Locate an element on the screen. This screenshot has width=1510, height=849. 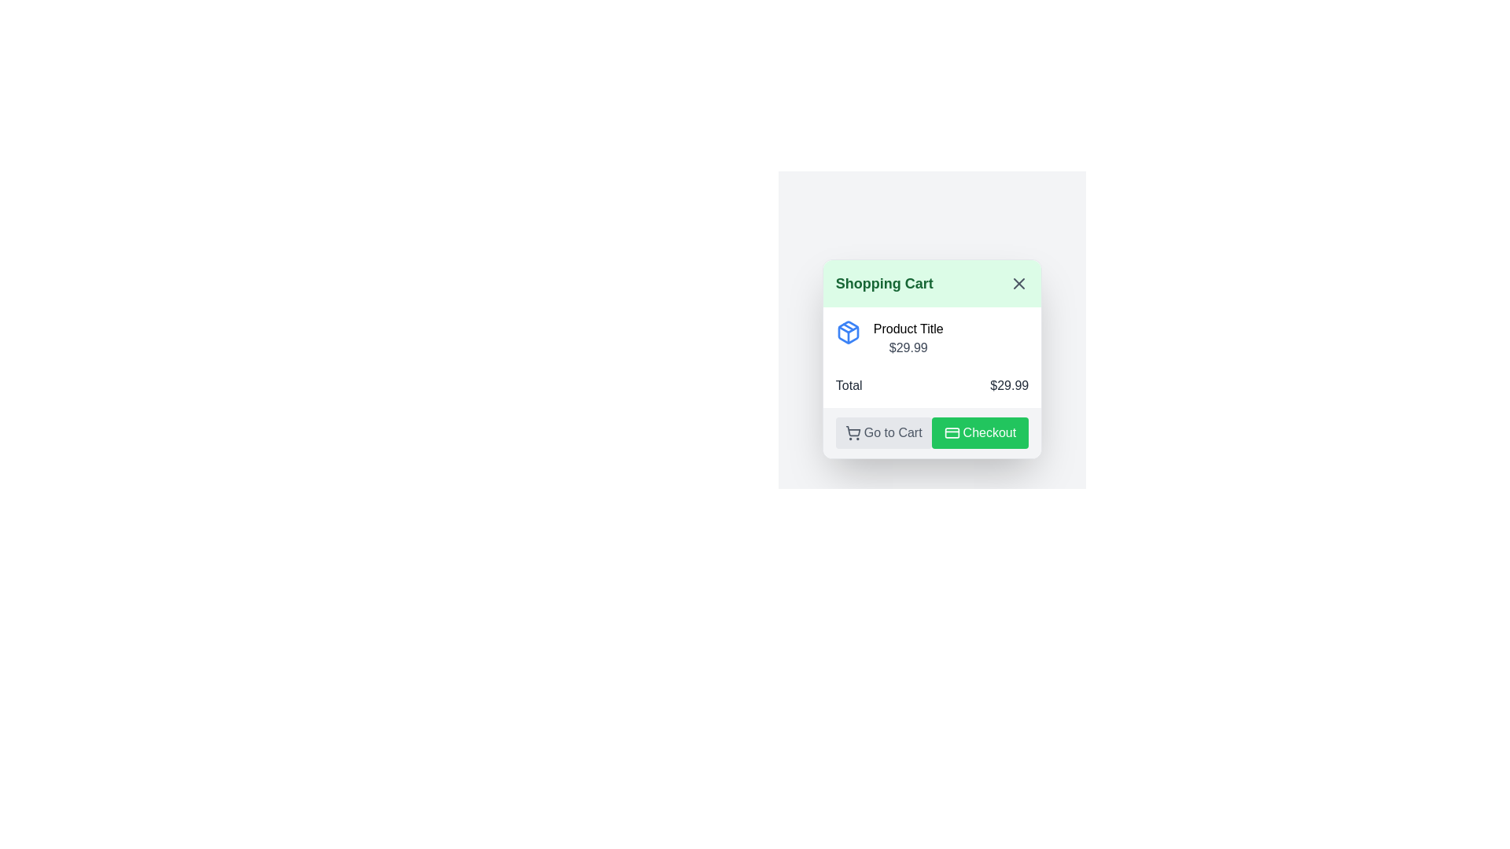
text displayed in the product name label located near the top-left section of the shopping cart box, to the right of the product icon and above the price label '$29.99' is located at coordinates (908, 329).